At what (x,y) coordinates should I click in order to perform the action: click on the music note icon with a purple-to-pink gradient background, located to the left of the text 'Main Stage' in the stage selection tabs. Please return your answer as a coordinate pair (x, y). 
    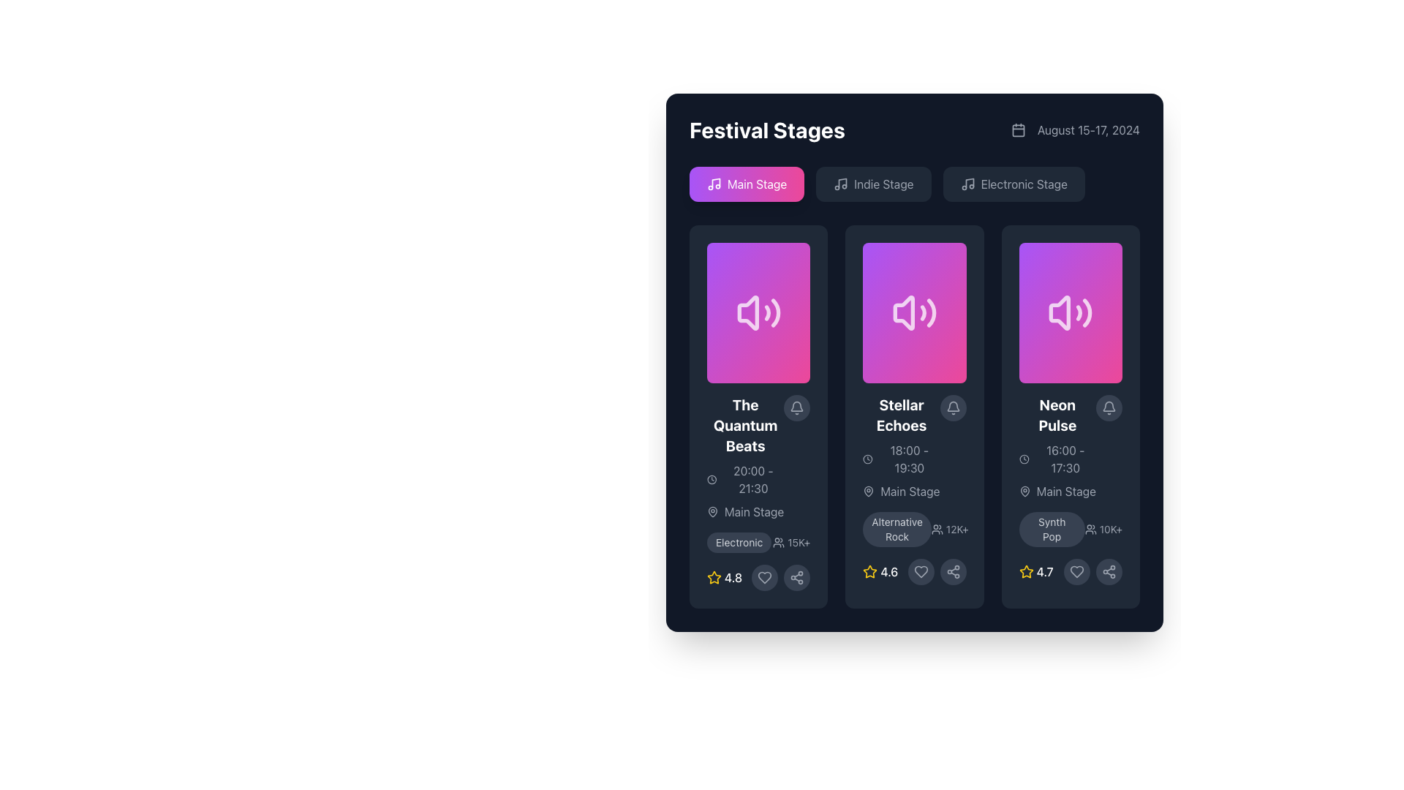
    Looking at the image, I should click on (714, 183).